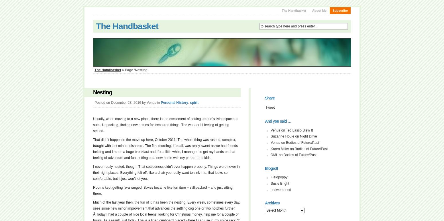 Image resolution: width=444 pixels, height=221 pixels. What do you see at coordinates (269, 97) in the screenshot?
I see `'Share'` at bounding box center [269, 97].